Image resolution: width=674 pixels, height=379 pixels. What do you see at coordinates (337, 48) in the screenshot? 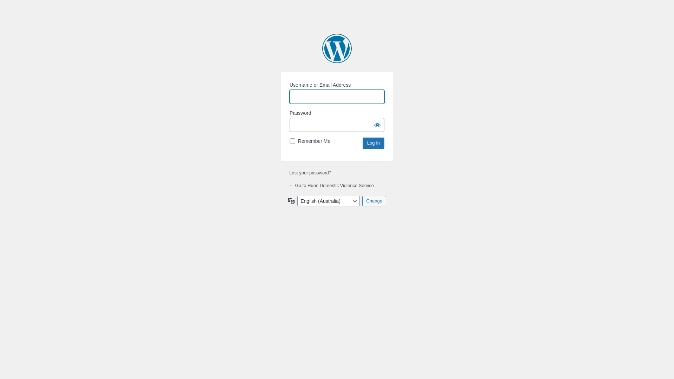
I see `'Powered by WordPress'` at bounding box center [337, 48].